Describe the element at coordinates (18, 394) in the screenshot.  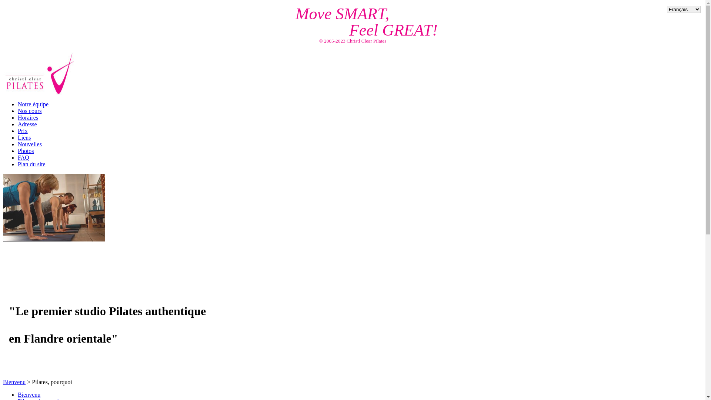
I see `'Bienvenu'` at that location.